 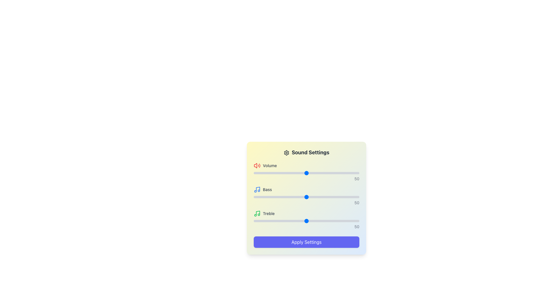 What do you see at coordinates (342, 221) in the screenshot?
I see `treble` at bounding box center [342, 221].